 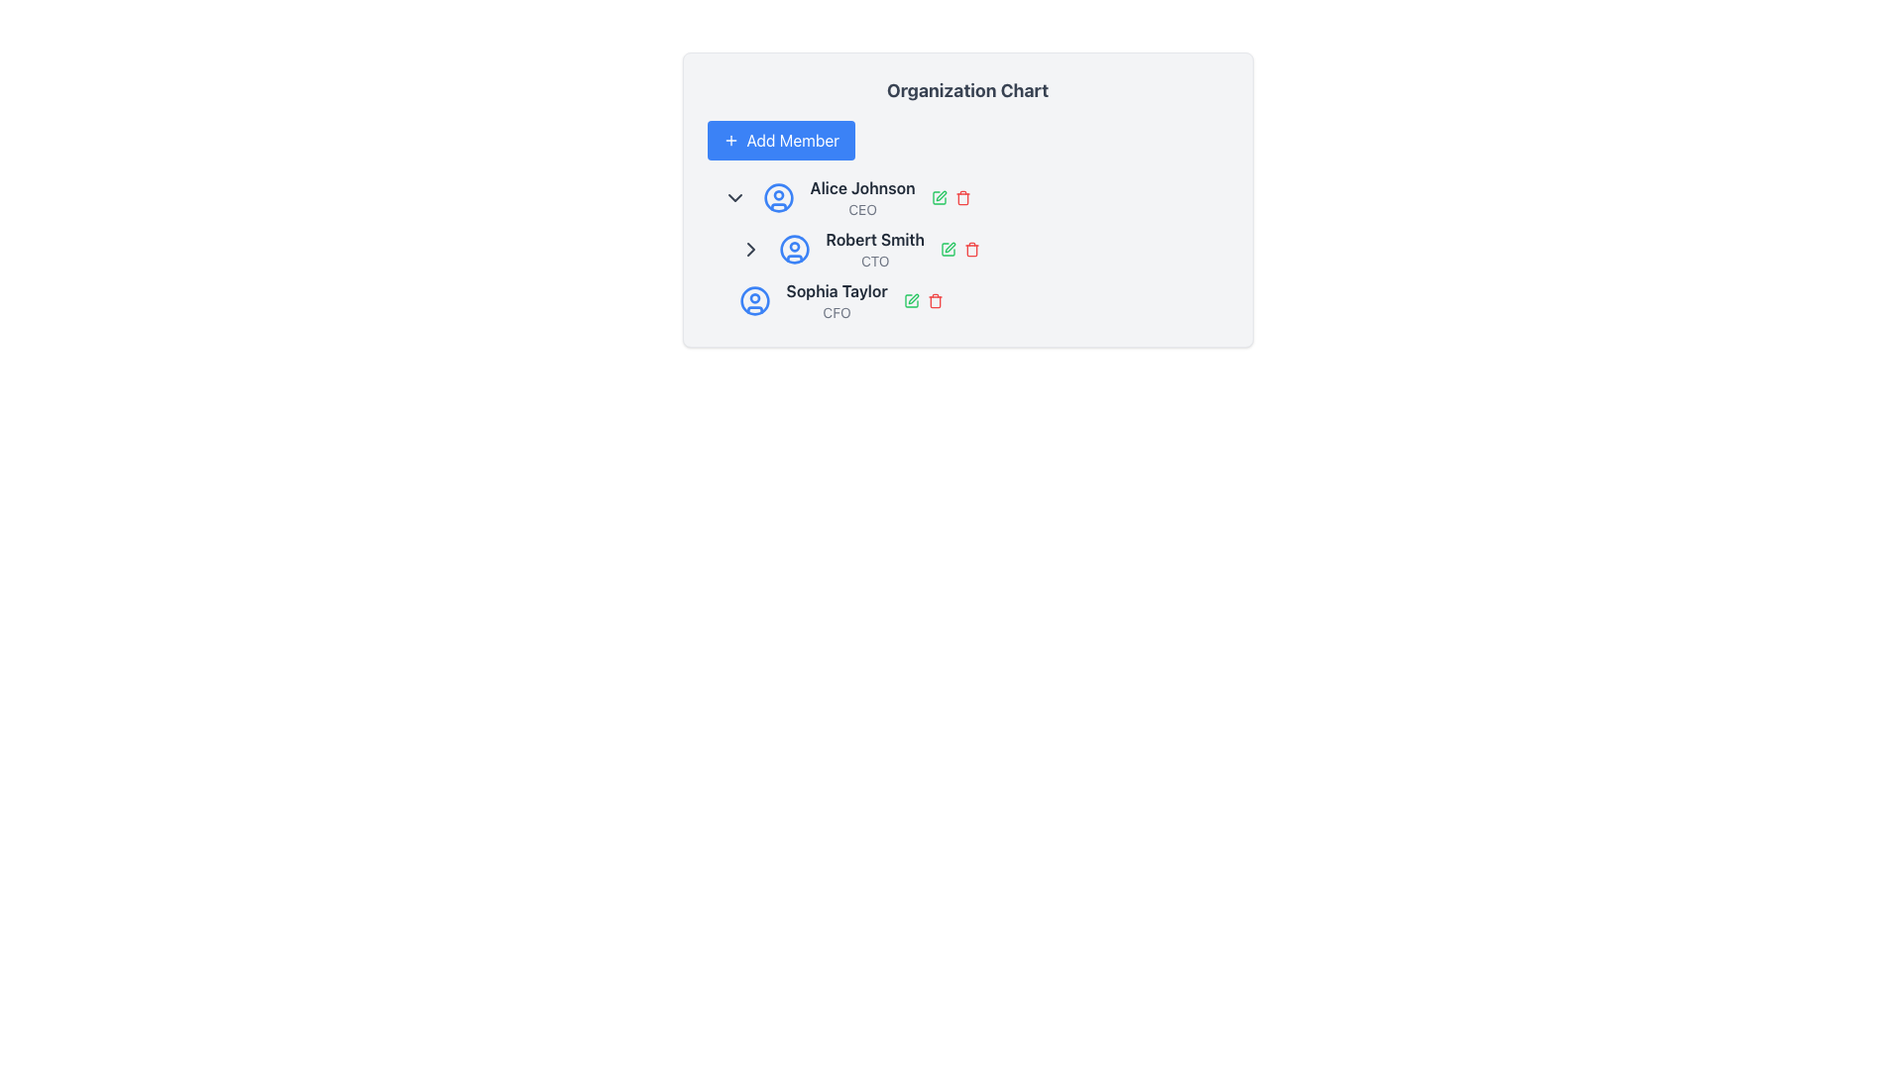 I want to click on the arrow icon to the left of 'Robert Smith' in the 'Organization Chart' interface, so click(x=749, y=248).